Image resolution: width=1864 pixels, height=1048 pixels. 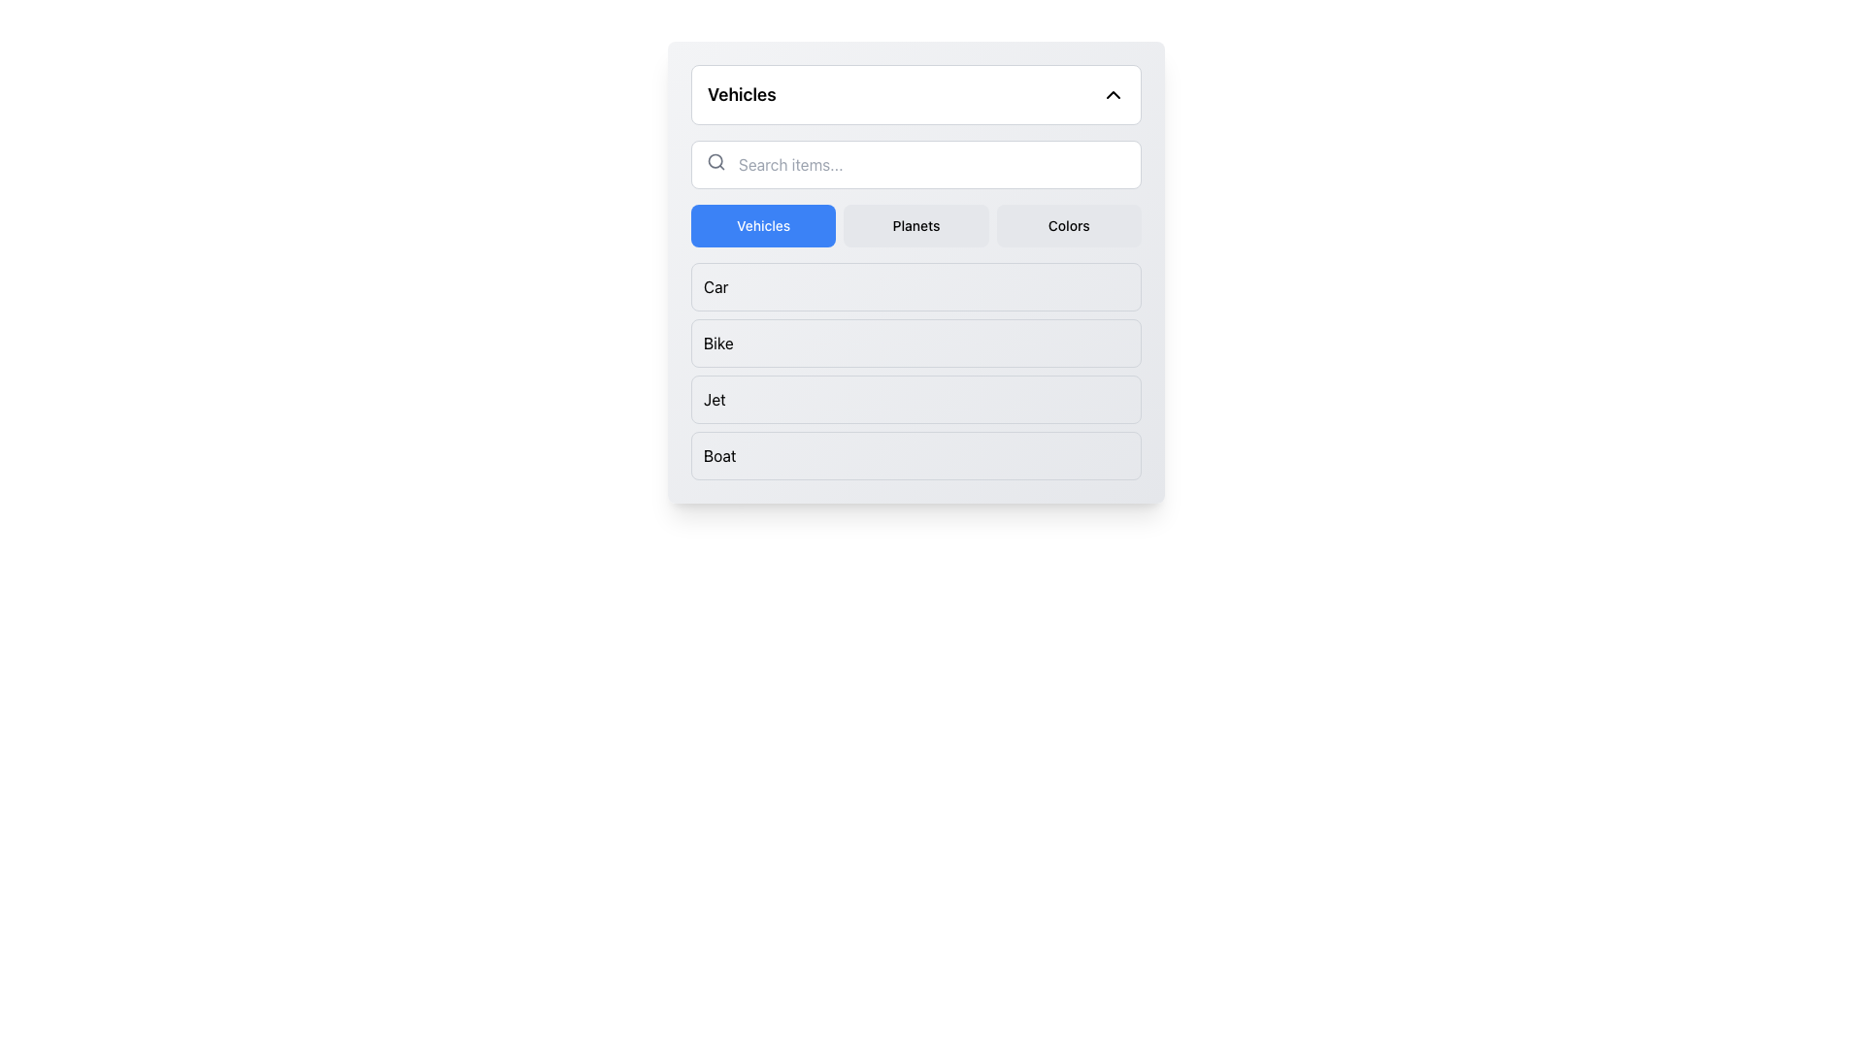 I want to click on the 'Jet' text label within the selectable list item in the dropdown menu under the 'Vehicles' category, so click(x=714, y=399).